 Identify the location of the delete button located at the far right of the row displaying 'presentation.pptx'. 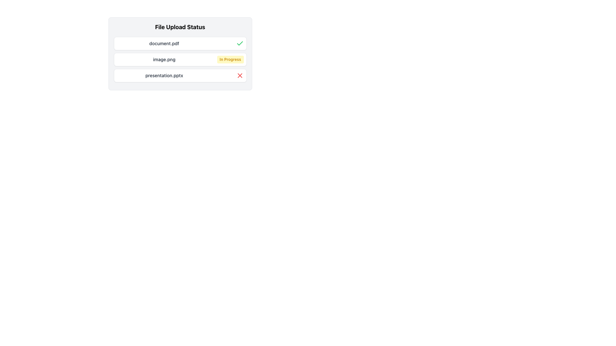
(239, 75).